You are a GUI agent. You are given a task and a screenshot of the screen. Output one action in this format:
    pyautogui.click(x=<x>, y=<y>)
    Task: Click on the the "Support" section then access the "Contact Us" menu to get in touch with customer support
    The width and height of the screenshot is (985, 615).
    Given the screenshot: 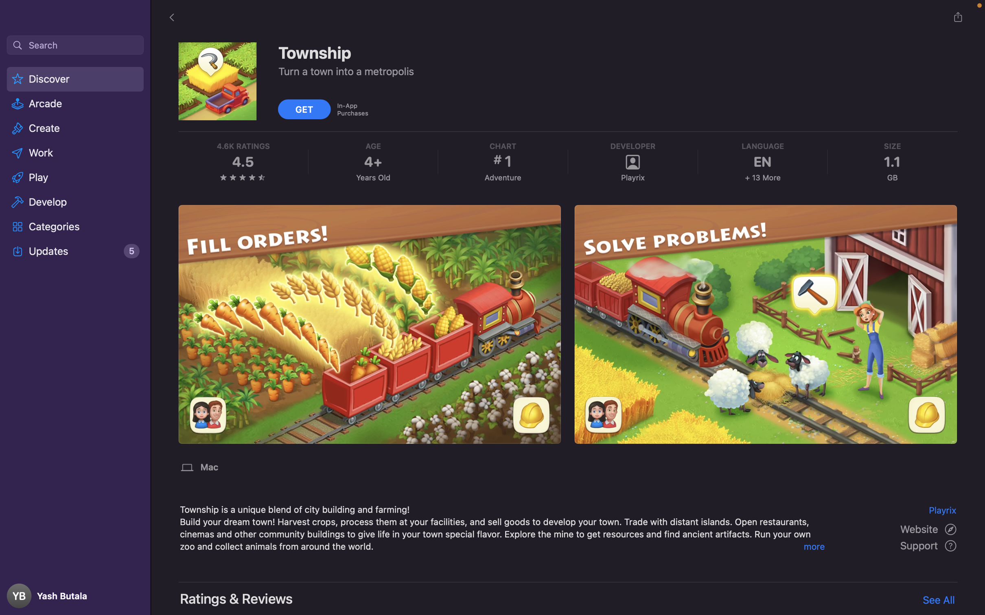 What is the action you would take?
    pyautogui.click(x=929, y=546)
    